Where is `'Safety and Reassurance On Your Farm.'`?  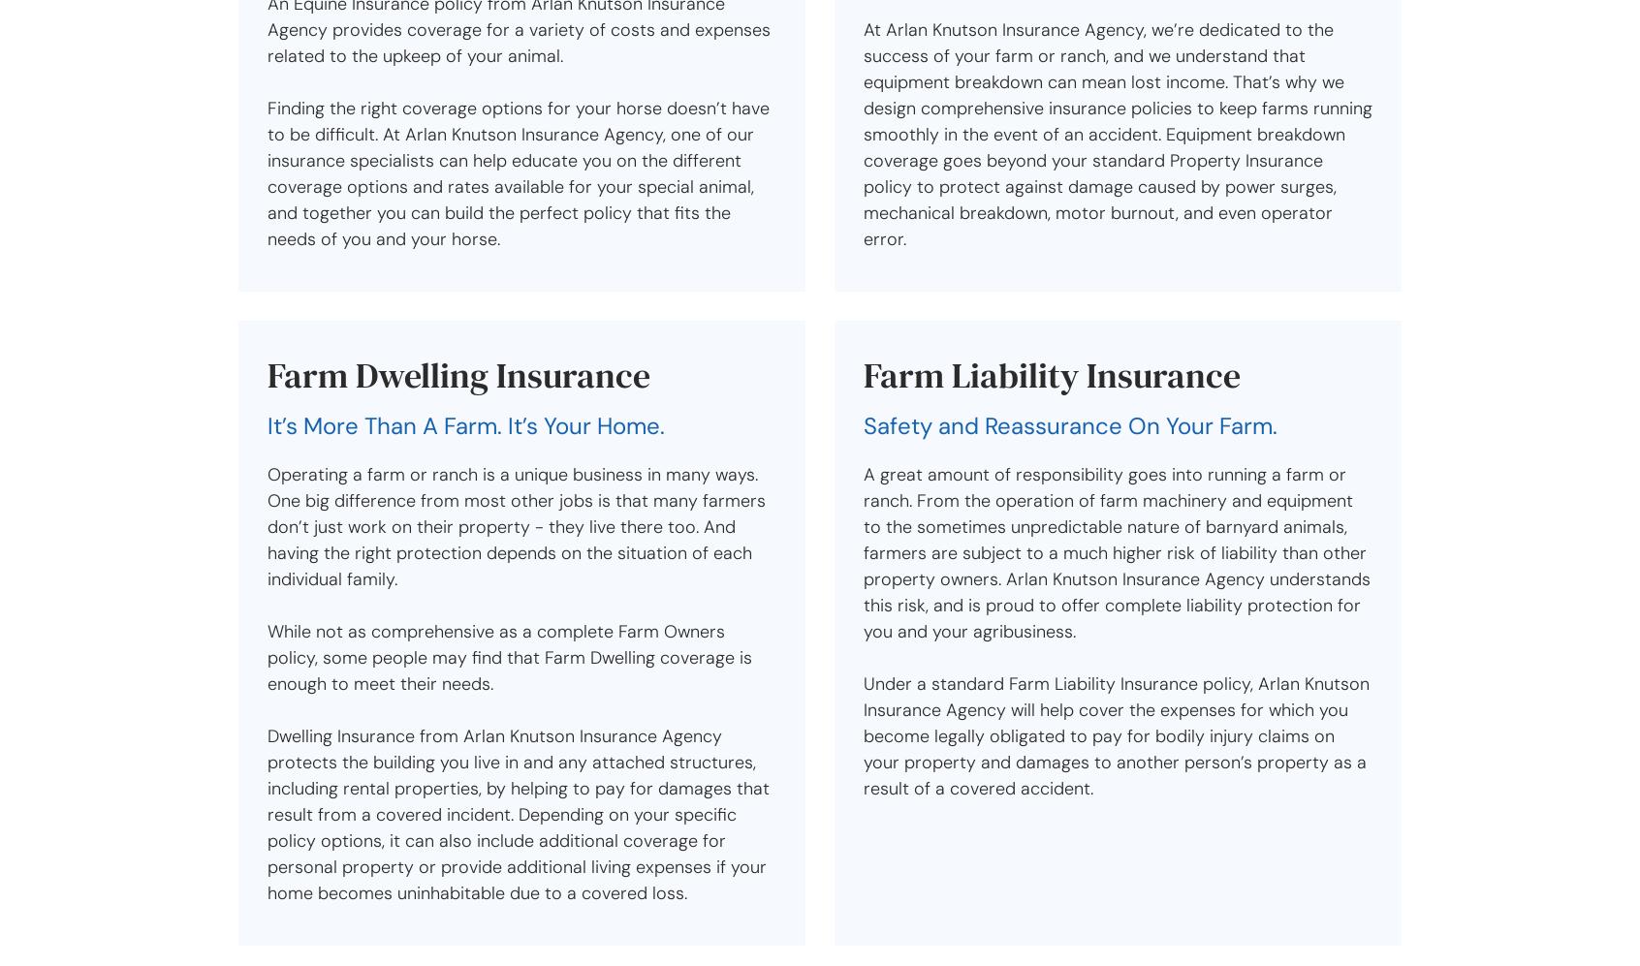 'Safety and Reassurance On Your Farm.' is located at coordinates (863, 424).